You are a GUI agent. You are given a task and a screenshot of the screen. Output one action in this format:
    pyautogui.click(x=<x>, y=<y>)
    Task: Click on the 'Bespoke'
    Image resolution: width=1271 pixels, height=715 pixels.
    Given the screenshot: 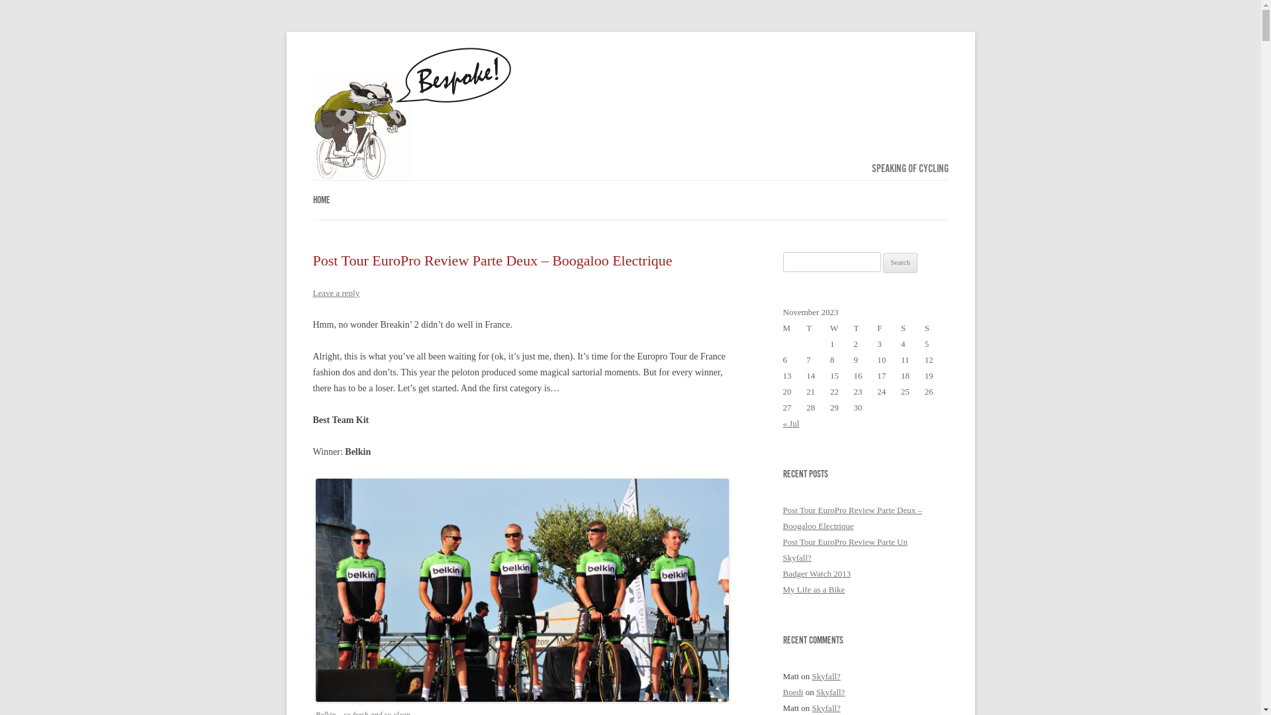 What is the action you would take?
    pyautogui.click(x=411, y=113)
    